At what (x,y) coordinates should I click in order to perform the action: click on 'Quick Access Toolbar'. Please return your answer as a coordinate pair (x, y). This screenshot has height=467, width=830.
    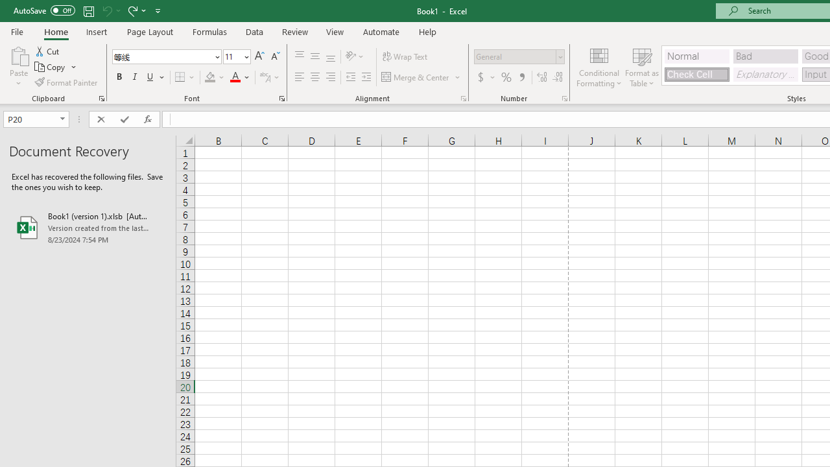
    Looking at the image, I should click on (88, 10).